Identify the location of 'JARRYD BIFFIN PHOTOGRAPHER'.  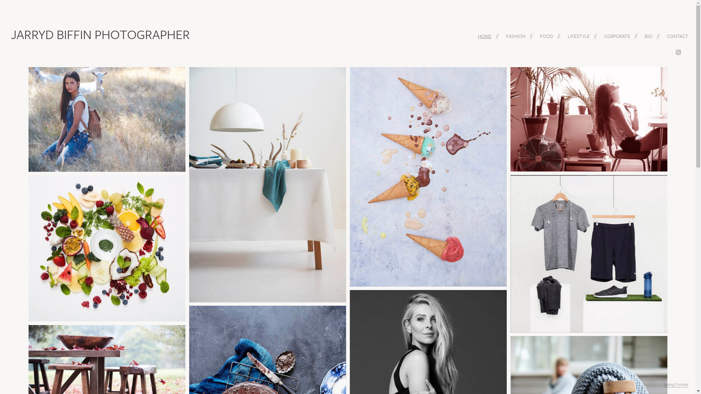
(100, 32).